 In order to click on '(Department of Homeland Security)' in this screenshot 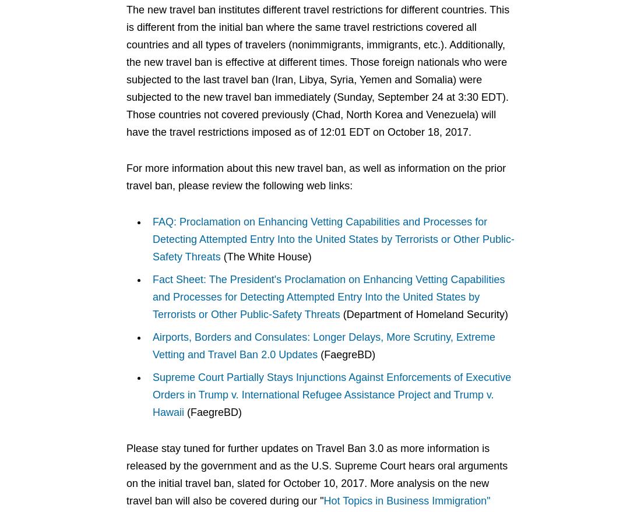, I will do `click(422, 314)`.